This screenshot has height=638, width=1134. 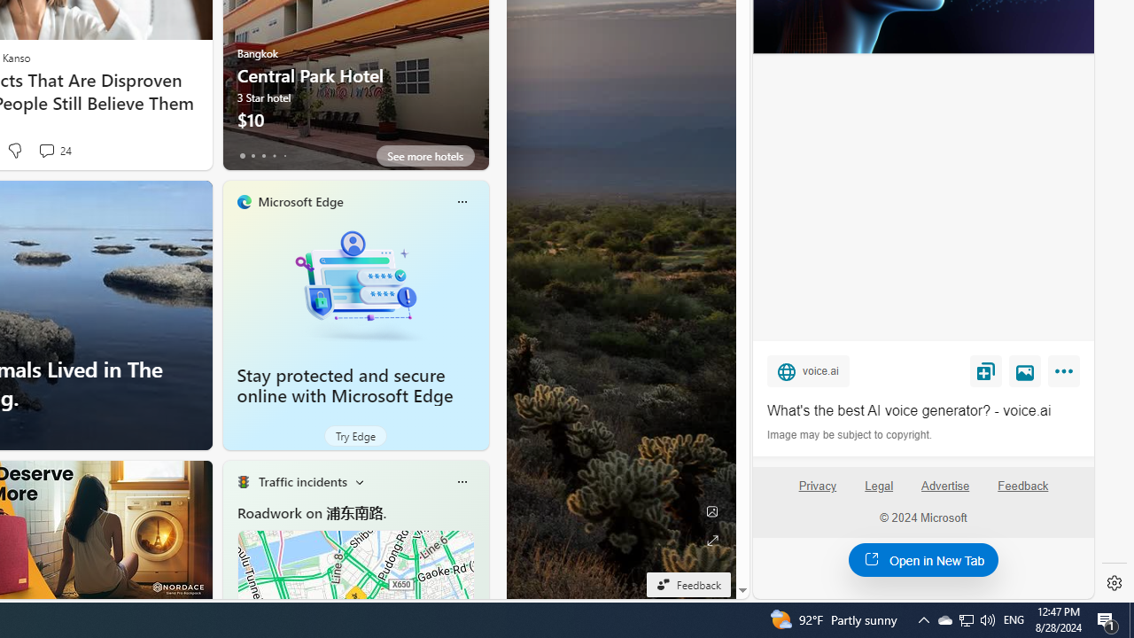 I want to click on 'Advertise', so click(x=944, y=486).